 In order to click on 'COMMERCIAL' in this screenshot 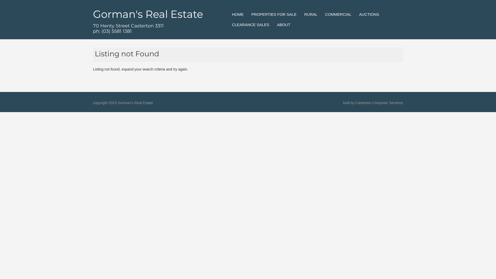, I will do `click(338, 14)`.